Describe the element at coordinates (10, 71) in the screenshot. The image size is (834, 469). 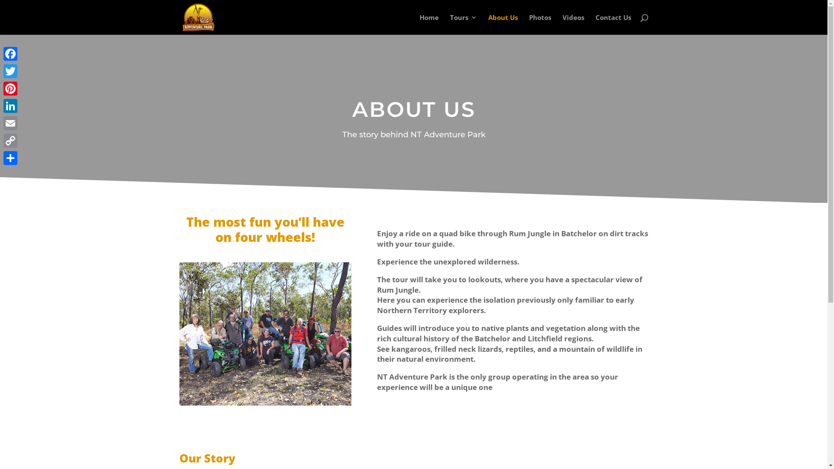
I see `'Twitter'` at that location.